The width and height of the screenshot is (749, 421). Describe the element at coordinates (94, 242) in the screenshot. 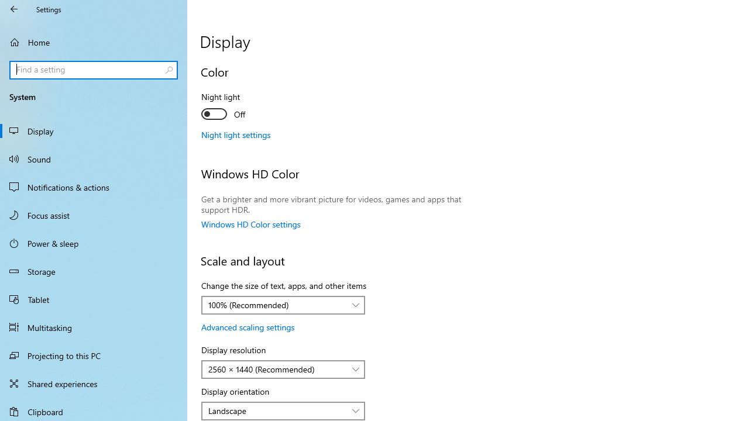

I see `'Power & sleep'` at that location.